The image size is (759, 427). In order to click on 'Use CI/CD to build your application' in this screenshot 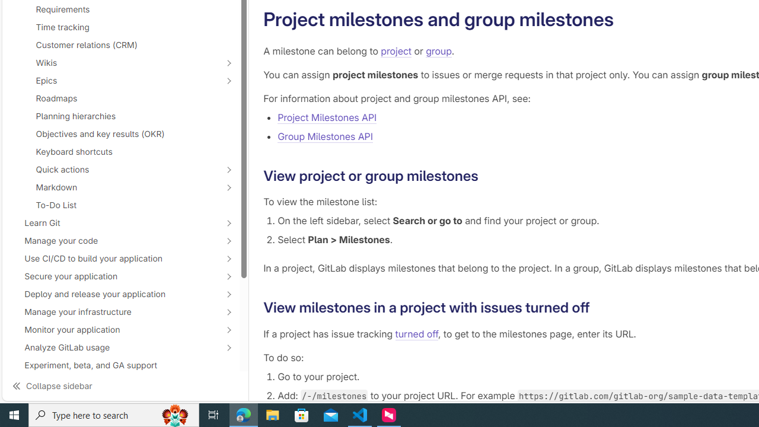, I will do `click(114, 257)`.